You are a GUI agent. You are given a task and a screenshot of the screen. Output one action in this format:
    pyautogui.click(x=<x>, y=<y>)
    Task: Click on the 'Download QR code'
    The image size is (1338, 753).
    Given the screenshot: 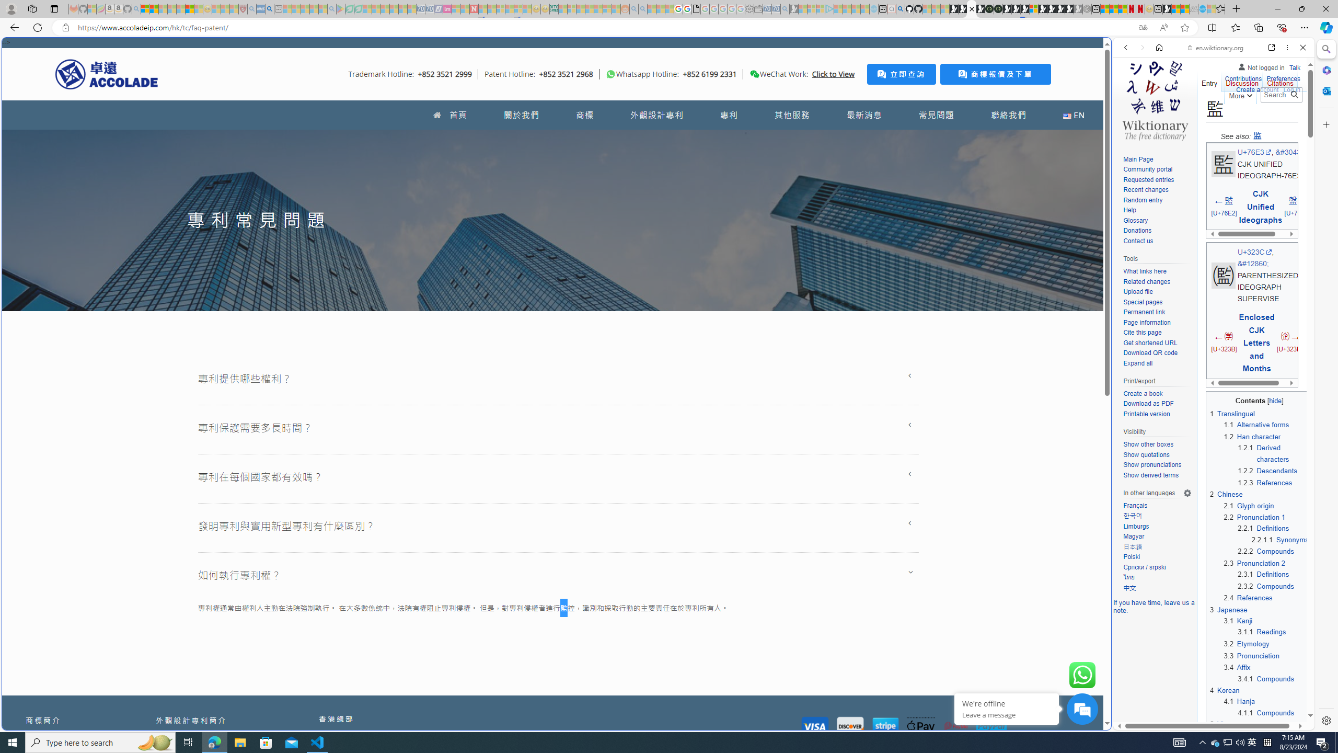 What is the action you would take?
    pyautogui.click(x=1157, y=352)
    